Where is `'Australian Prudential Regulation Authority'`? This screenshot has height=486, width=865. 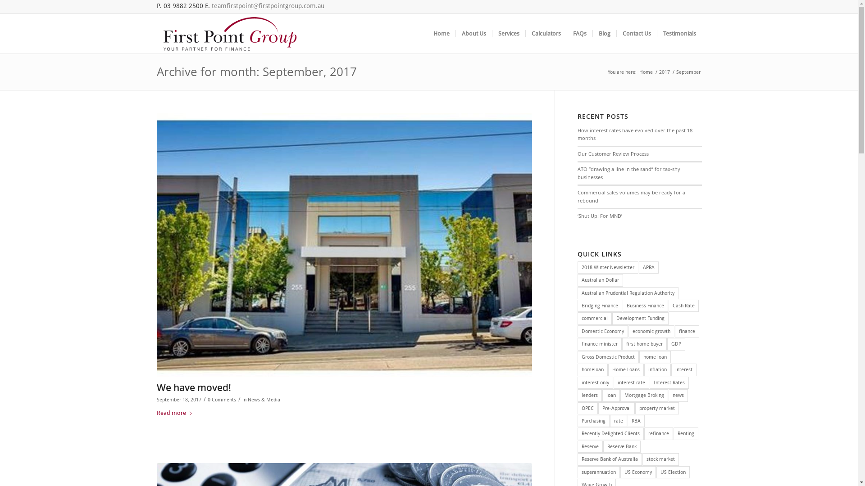
'Australian Prudential Regulation Authority' is located at coordinates (627, 293).